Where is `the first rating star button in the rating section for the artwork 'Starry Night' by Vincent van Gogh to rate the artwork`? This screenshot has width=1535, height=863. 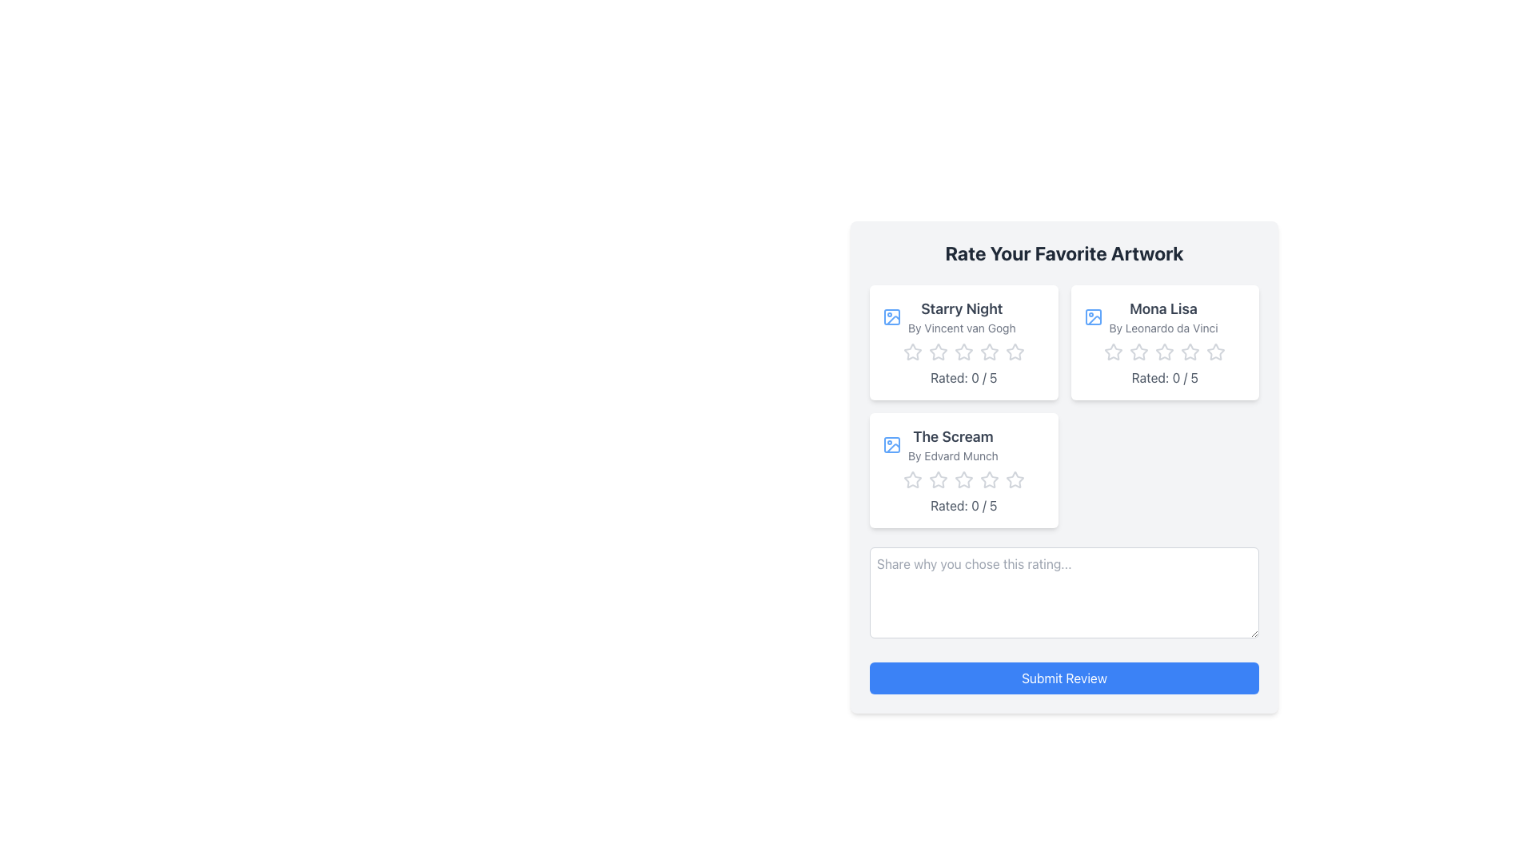 the first rating star button in the rating section for the artwork 'Starry Night' by Vincent van Gogh to rate the artwork is located at coordinates (912, 351).